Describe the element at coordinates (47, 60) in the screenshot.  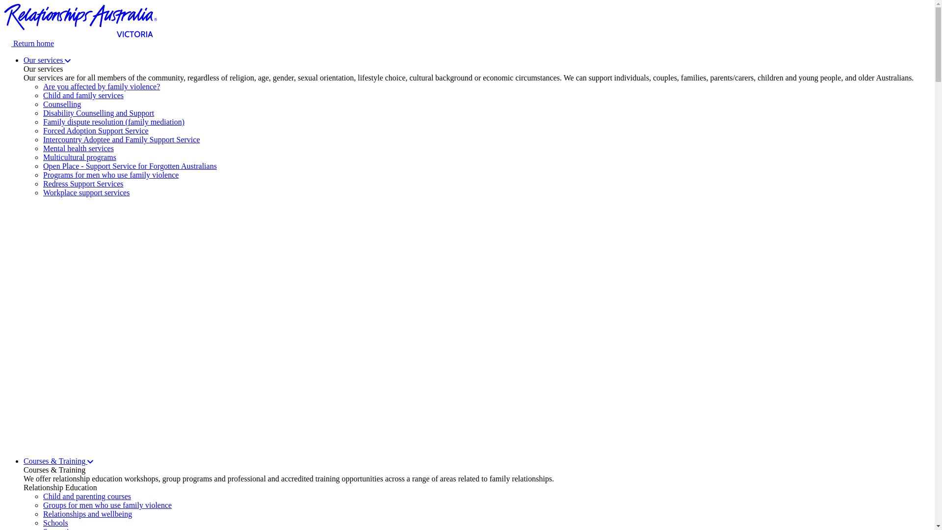
I see `'Our services'` at that location.